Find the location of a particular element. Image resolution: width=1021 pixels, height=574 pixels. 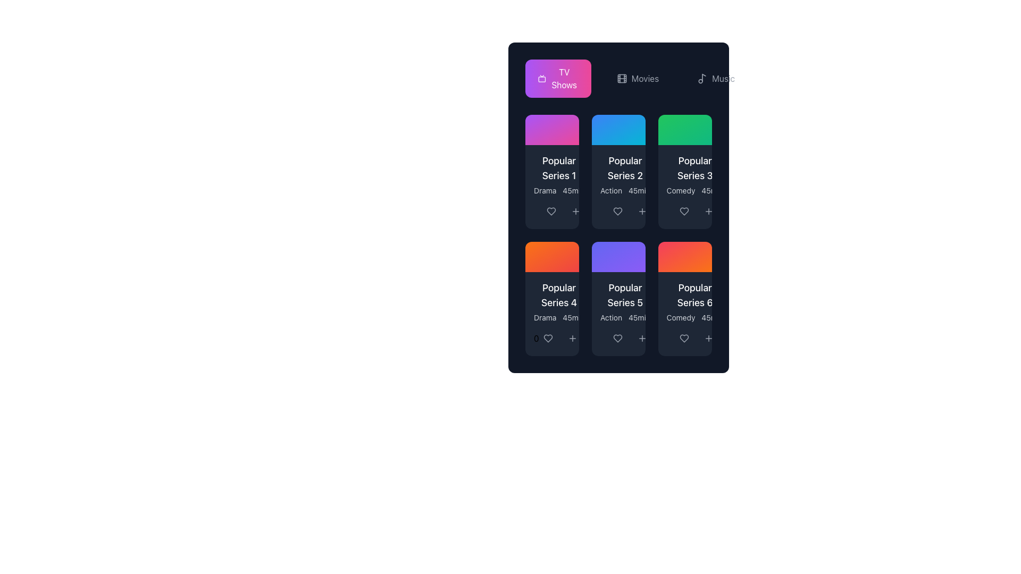

the play button located centrally within the gradient background at the top of the 'Popular Series 1' card to initiate playback of the associated series is located at coordinates (552, 129).